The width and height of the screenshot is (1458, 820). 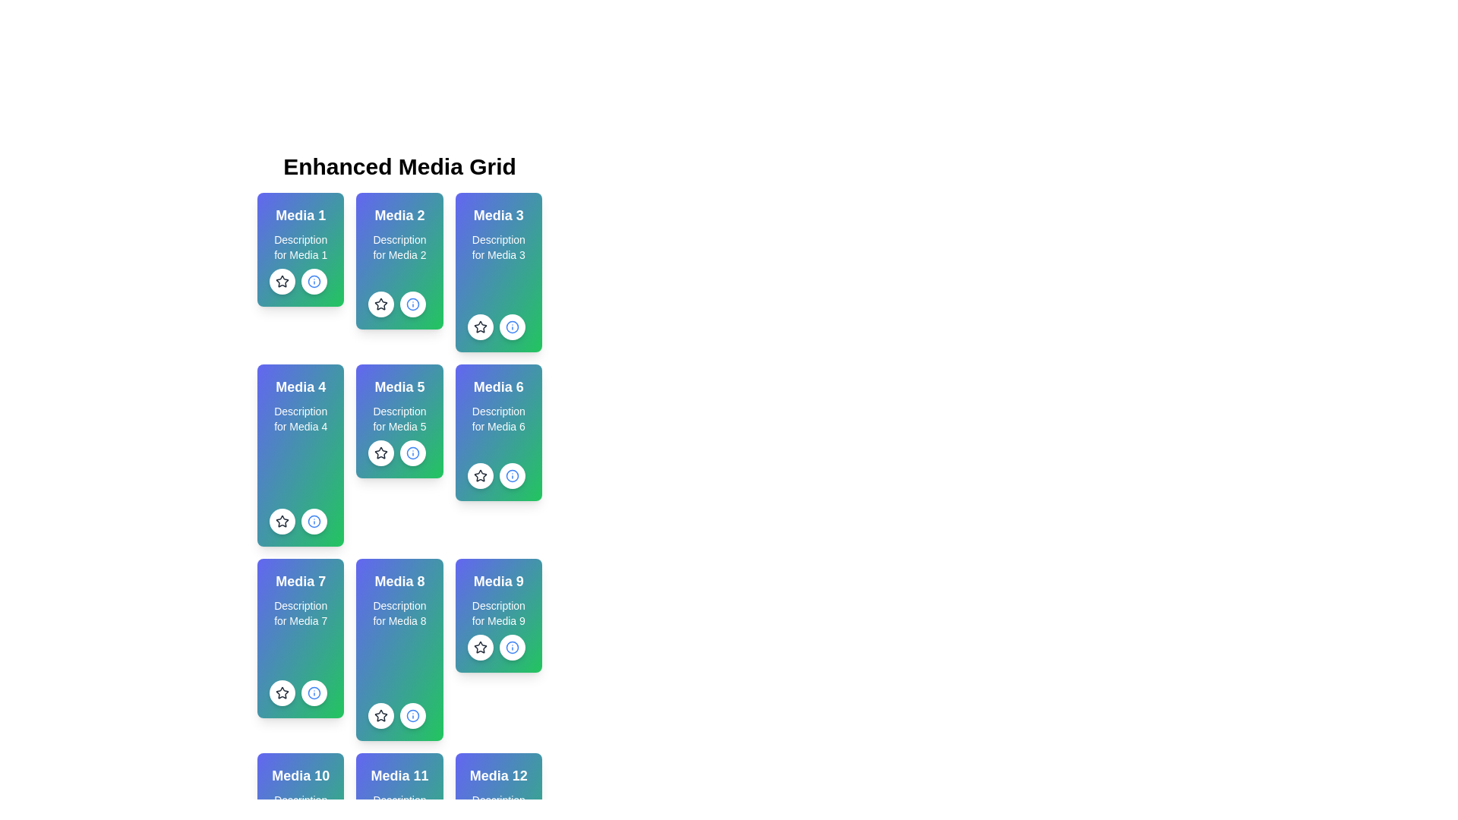 What do you see at coordinates (397, 304) in the screenshot?
I see `the interactive control group containing the star and info buttons located in the lower-left corner of the 'Media 2' card` at bounding box center [397, 304].